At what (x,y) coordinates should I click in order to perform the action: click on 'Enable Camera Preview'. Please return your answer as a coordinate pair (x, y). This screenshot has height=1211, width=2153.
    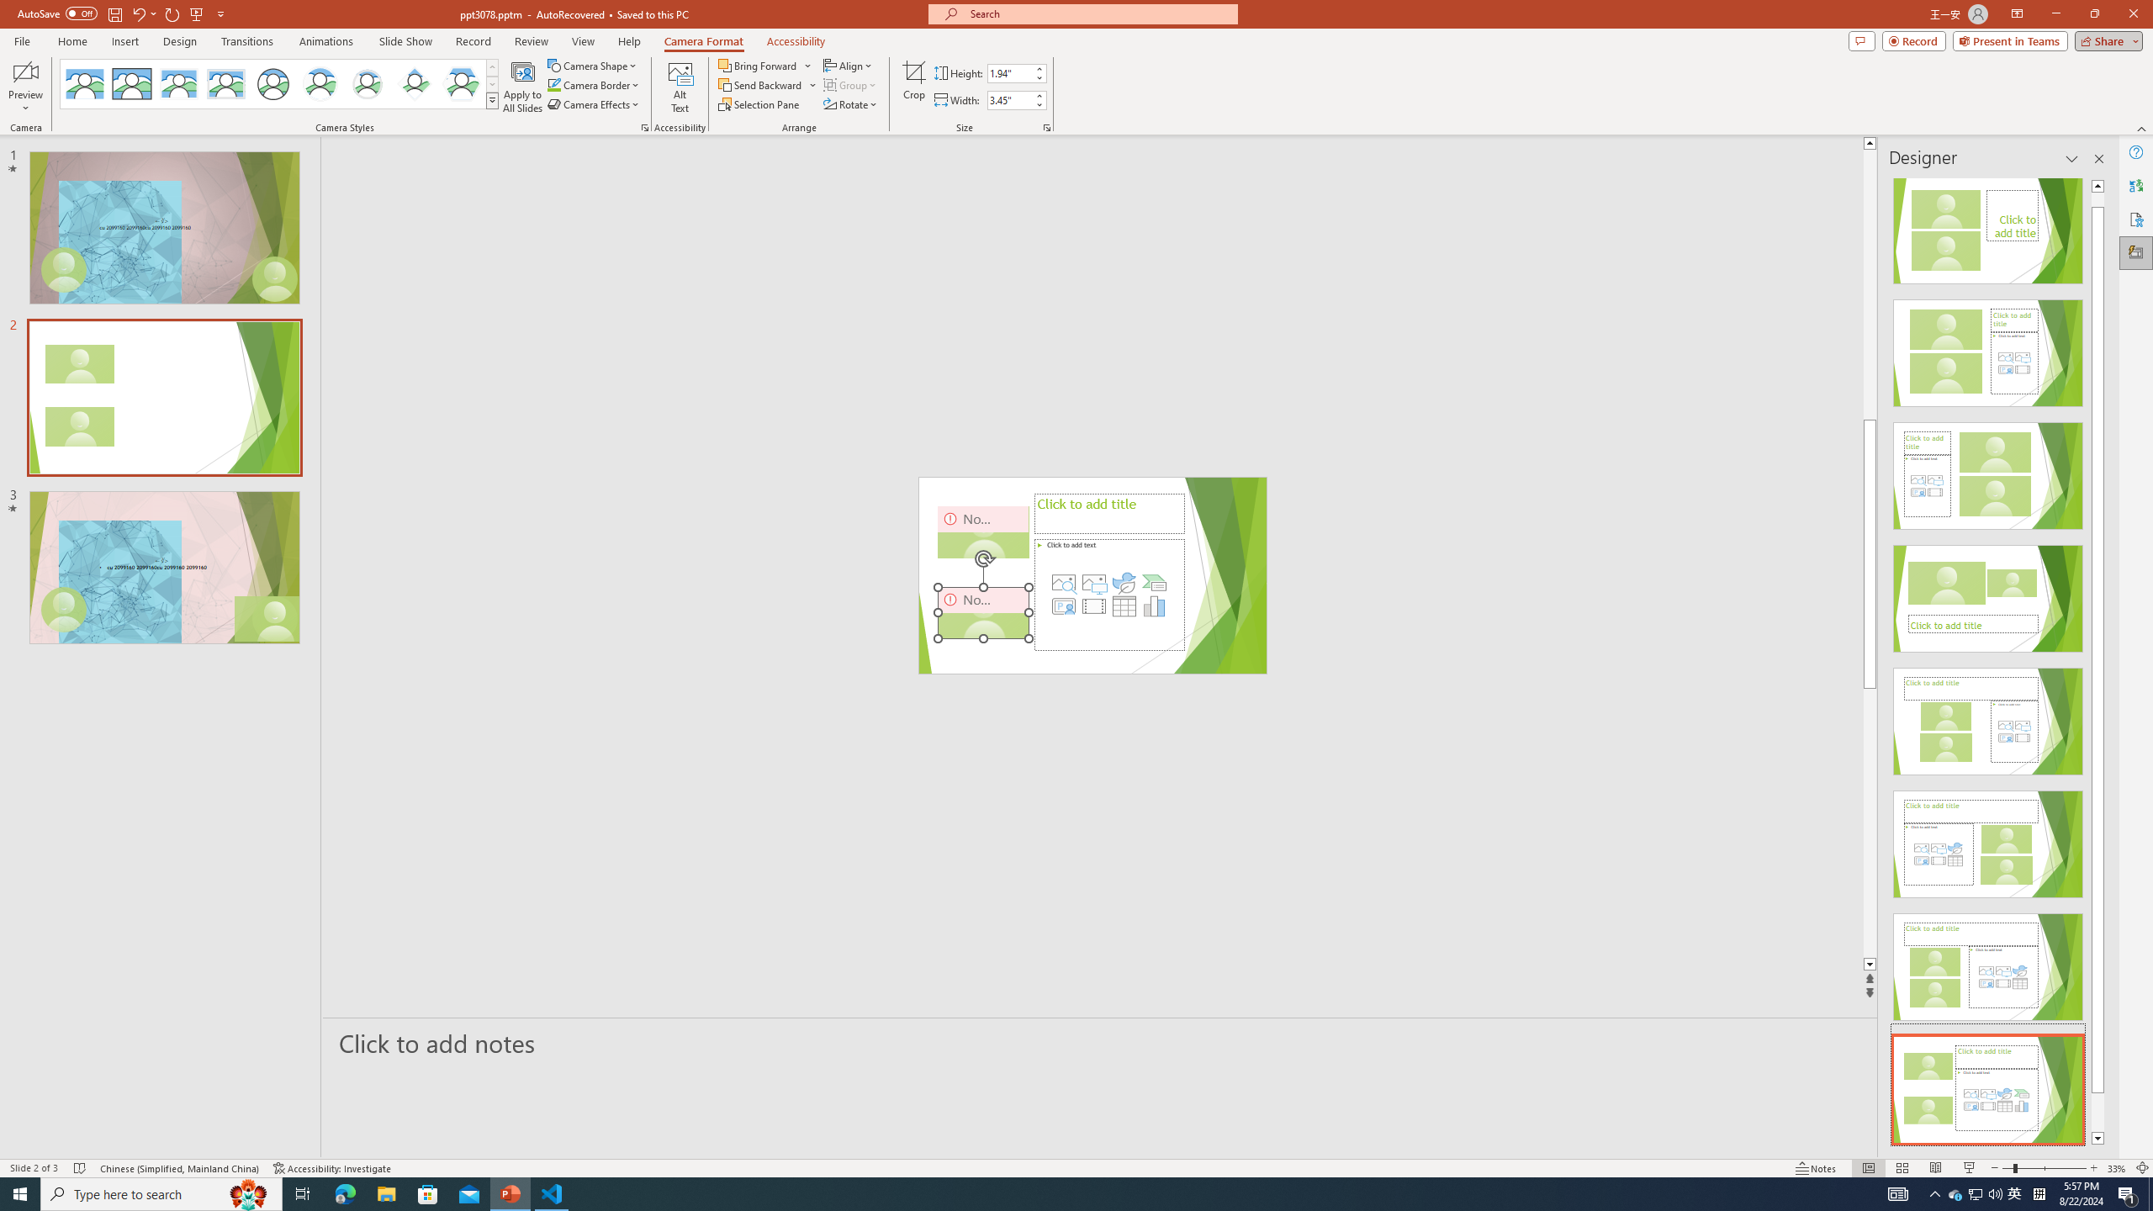
    Looking at the image, I should click on (24, 71).